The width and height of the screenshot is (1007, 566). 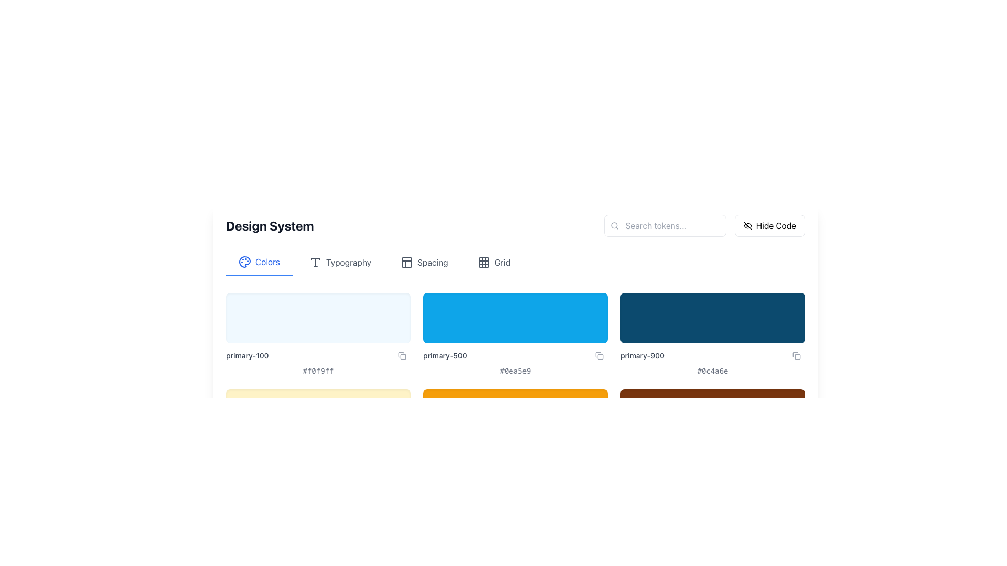 What do you see at coordinates (493, 262) in the screenshot?
I see `the 'Grid' tab in the navigation interface` at bounding box center [493, 262].